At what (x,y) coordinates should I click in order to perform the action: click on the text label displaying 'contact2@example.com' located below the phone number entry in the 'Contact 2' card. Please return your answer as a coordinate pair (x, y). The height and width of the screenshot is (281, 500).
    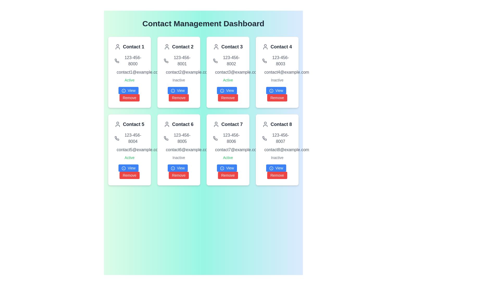
    Looking at the image, I should click on (179, 72).